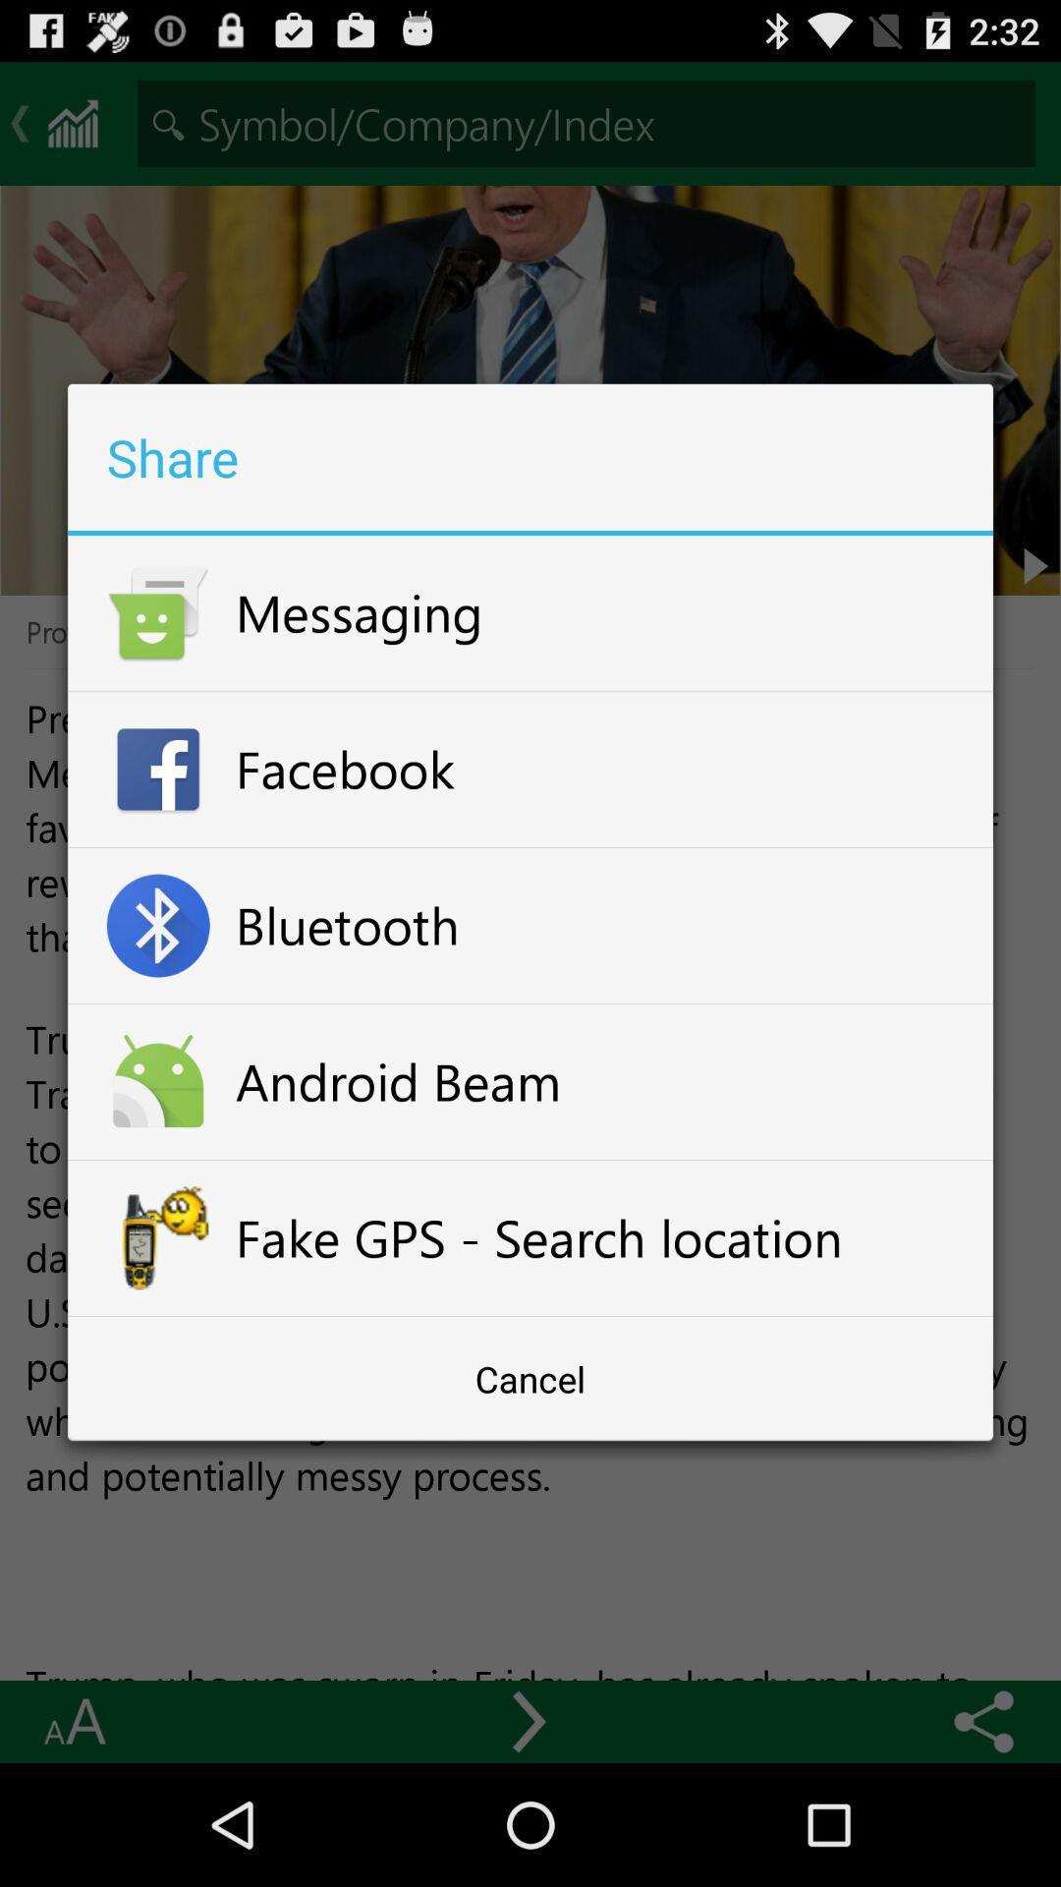  I want to click on the cancel item, so click(530, 1378).